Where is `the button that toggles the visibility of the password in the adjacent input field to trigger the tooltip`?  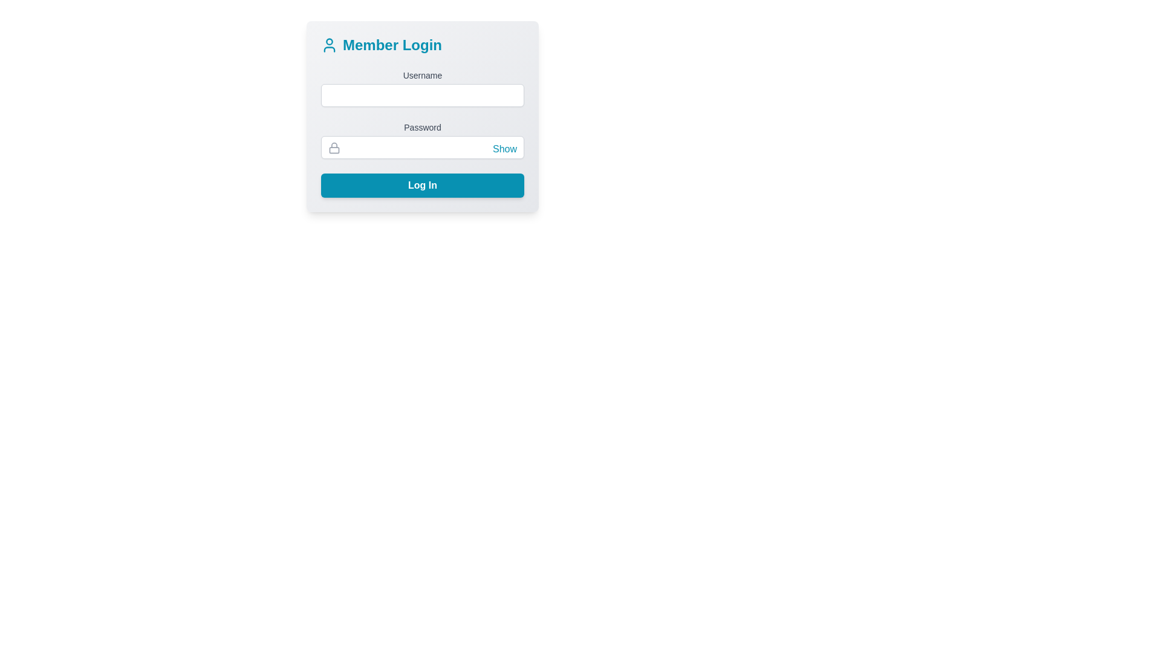 the button that toggles the visibility of the password in the adjacent input field to trigger the tooltip is located at coordinates (505, 148).